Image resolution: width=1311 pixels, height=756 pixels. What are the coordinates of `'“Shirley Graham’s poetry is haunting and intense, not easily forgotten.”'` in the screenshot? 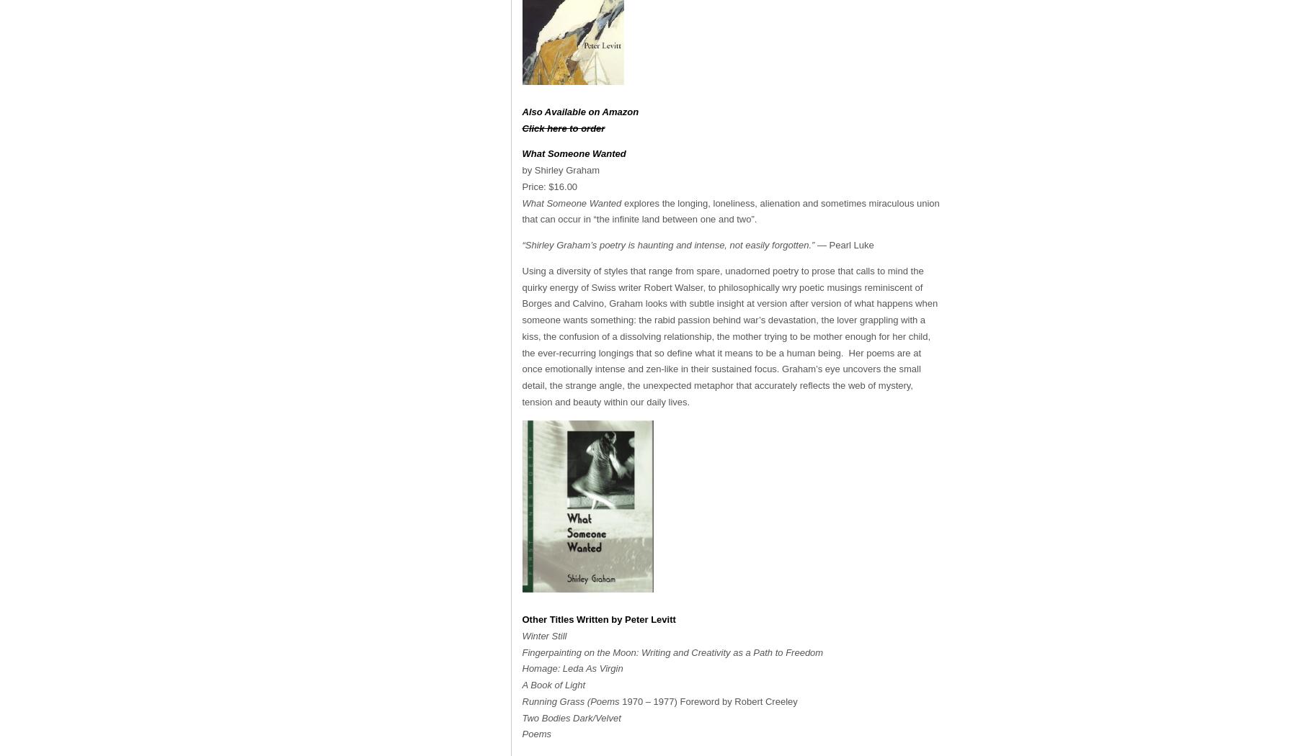 It's located at (667, 244).